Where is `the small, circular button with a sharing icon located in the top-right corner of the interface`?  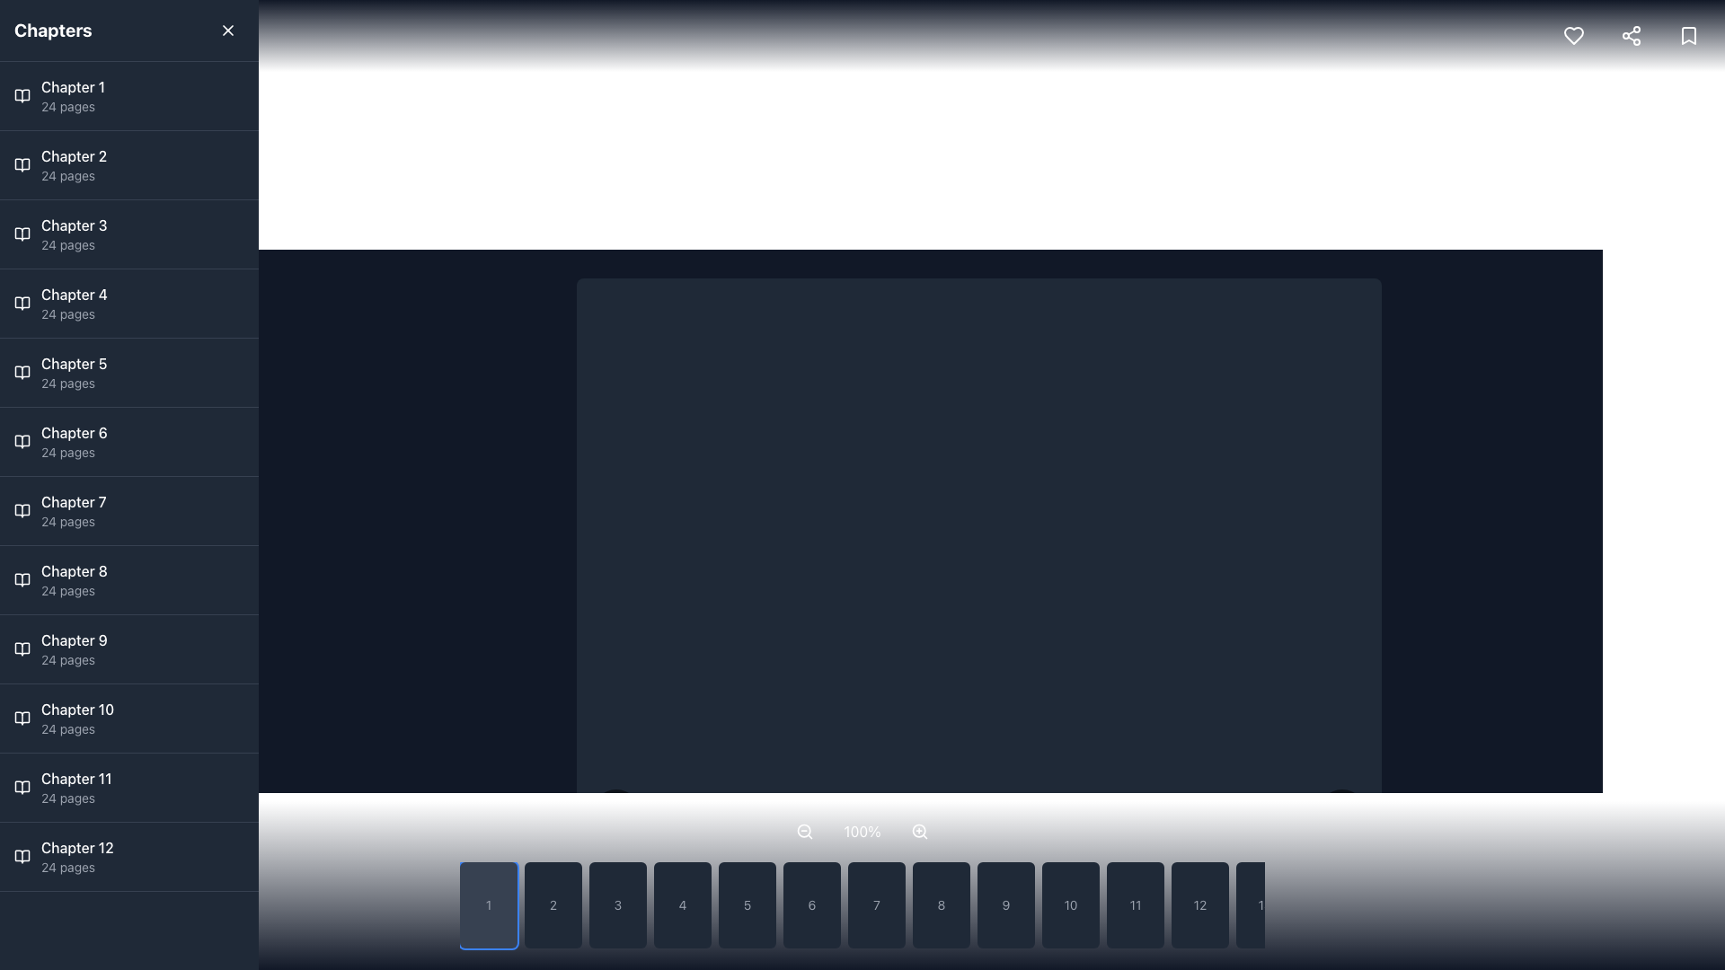 the small, circular button with a sharing icon located in the top-right corner of the interface is located at coordinates (1631, 35).